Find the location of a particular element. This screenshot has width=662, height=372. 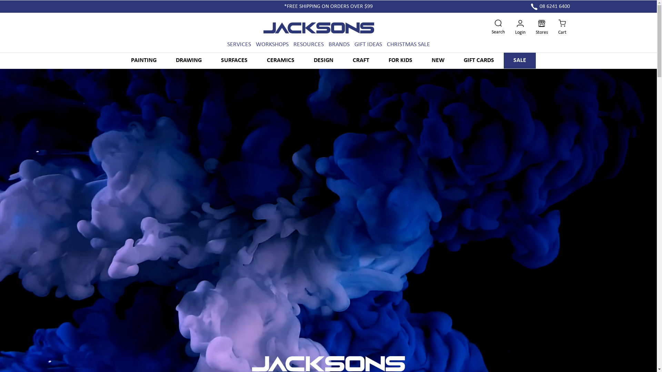

'*FREE SHIPPING ON ORDERS OVER $99' is located at coordinates (328, 7).